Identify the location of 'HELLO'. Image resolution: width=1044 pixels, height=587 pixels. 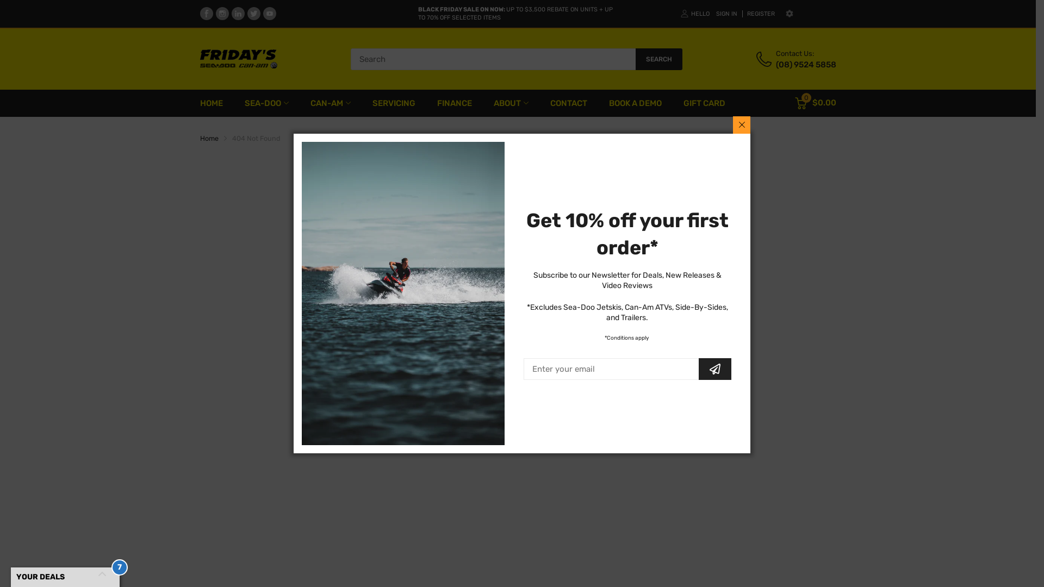
(694, 14).